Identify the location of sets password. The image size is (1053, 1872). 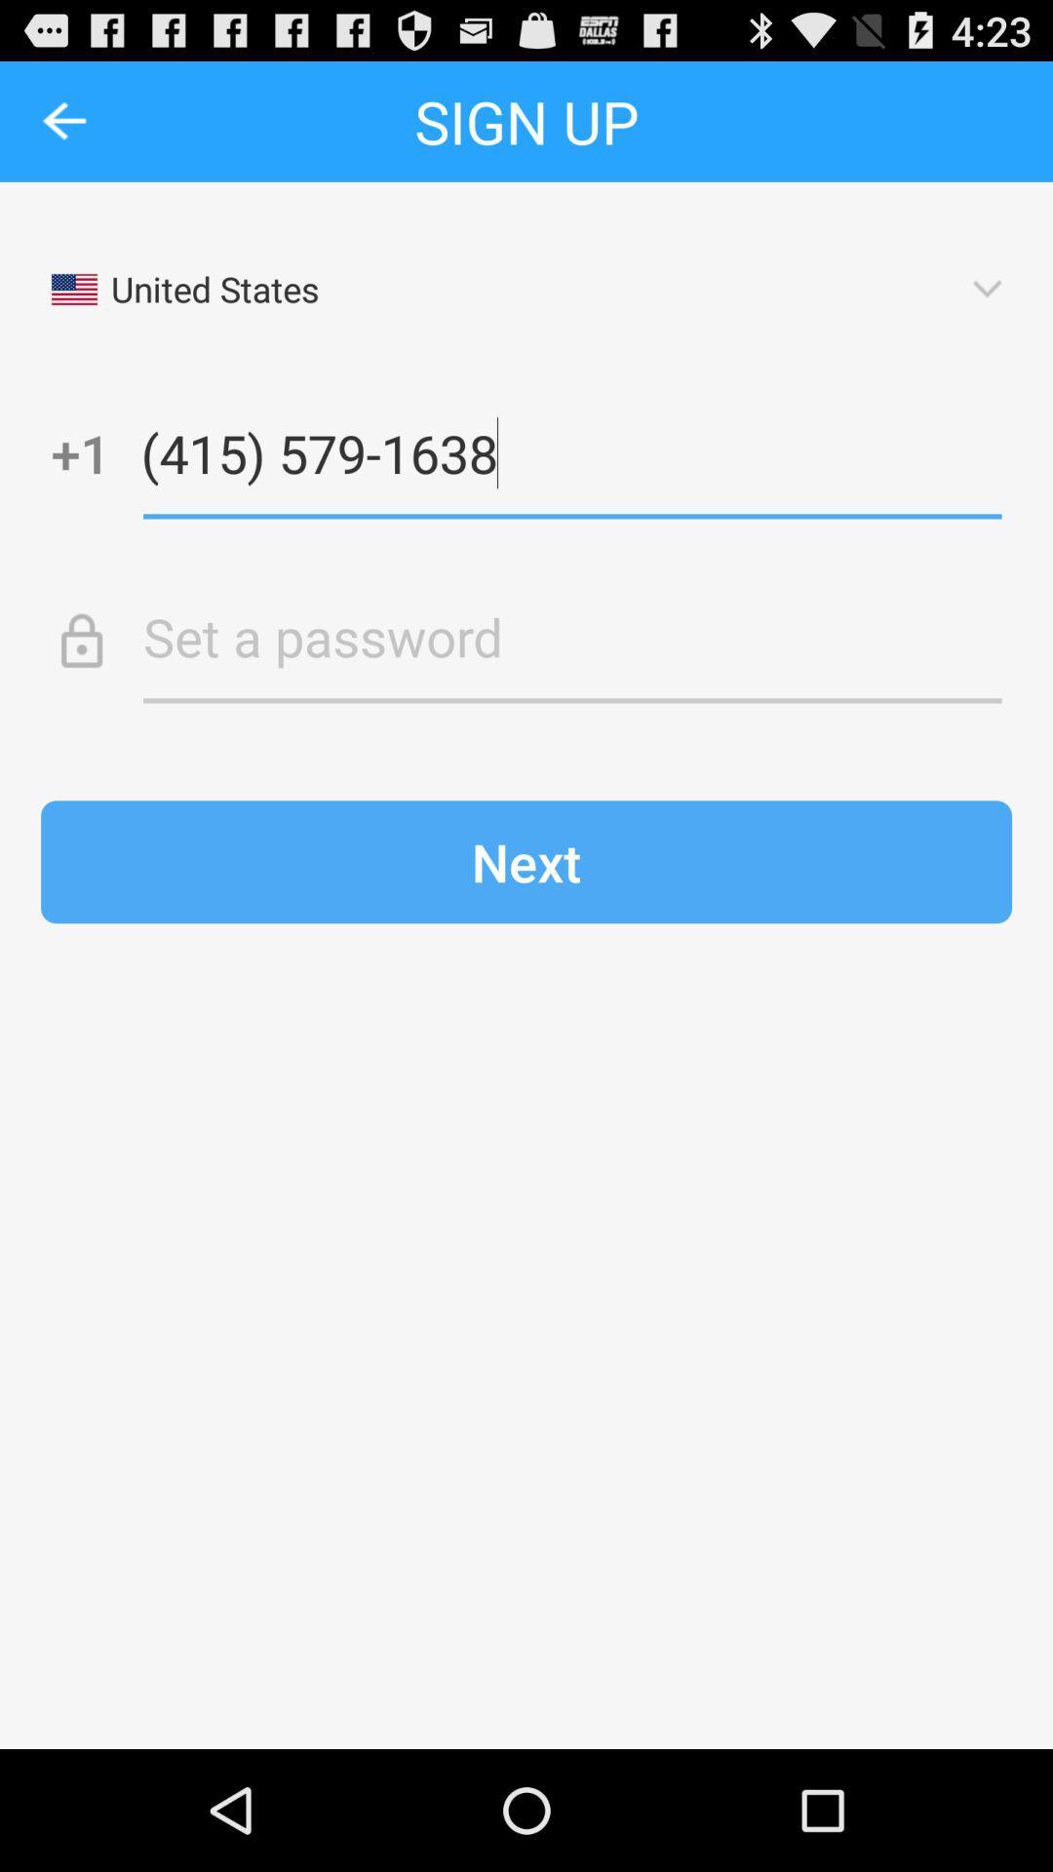
(571, 637).